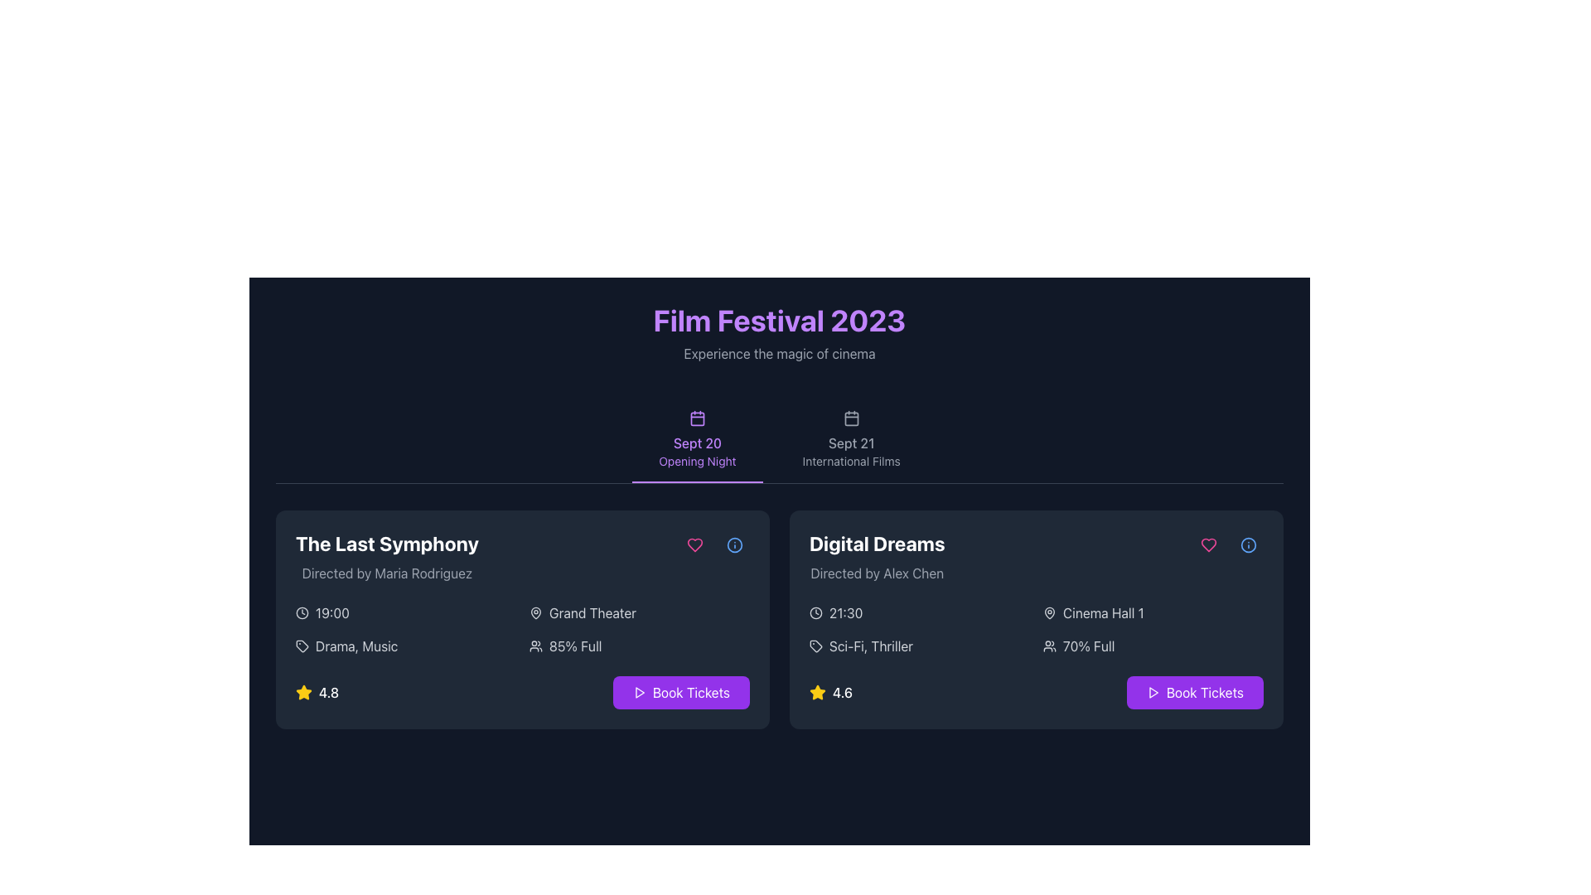 The width and height of the screenshot is (1591, 895). Describe the element at coordinates (691, 693) in the screenshot. I see `the 'Book Tickets' text element, which is styled in white on a purple button with rounded corners, located below the movie information panel titled 'The Last Symphony'` at that location.